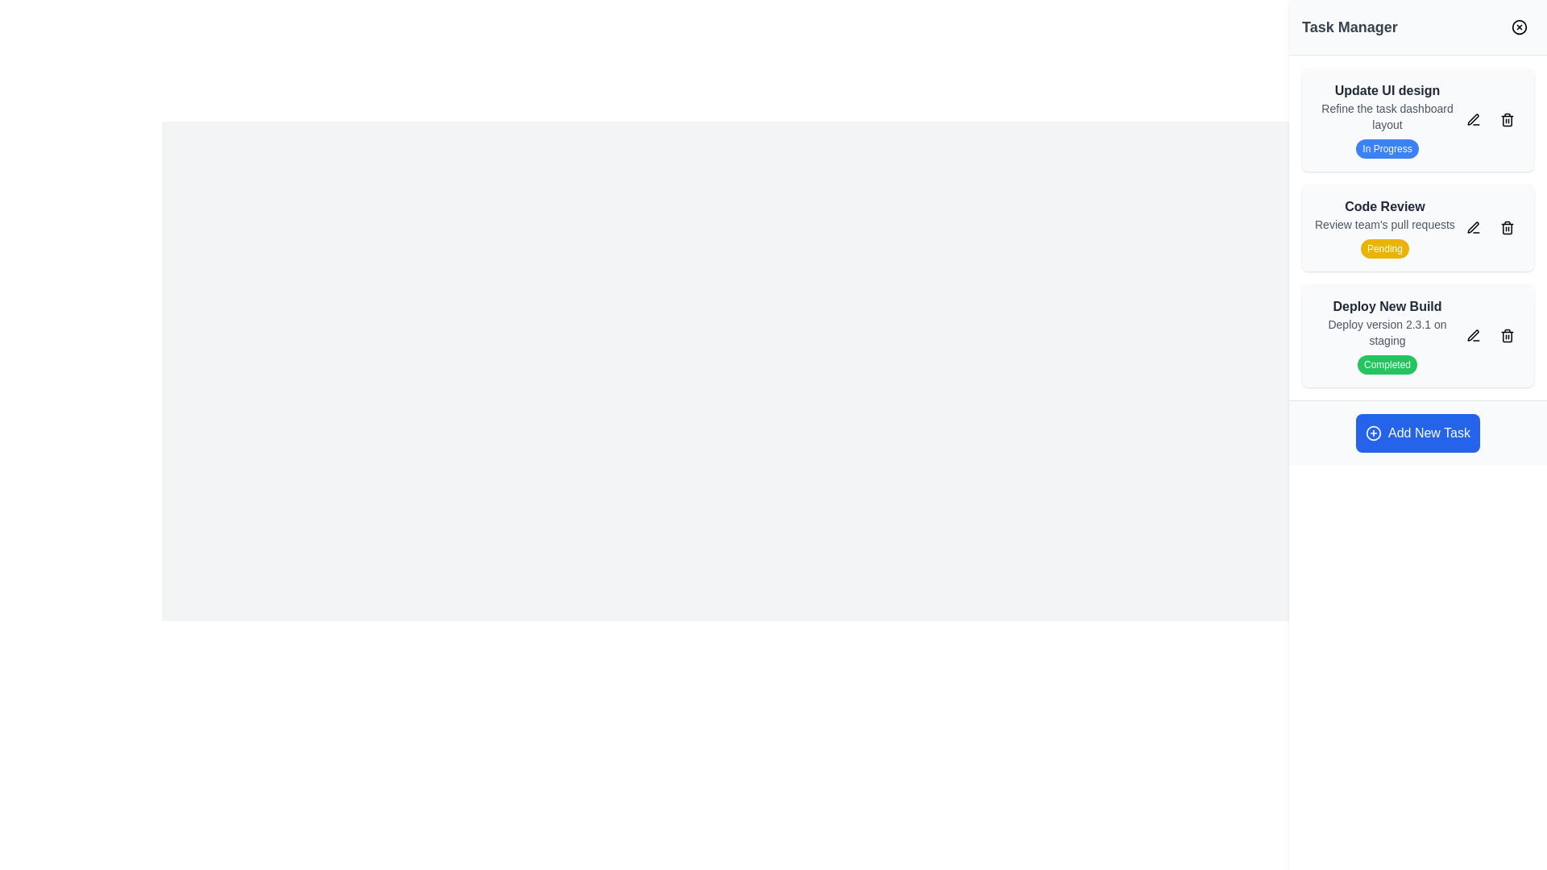 This screenshot has width=1547, height=870. What do you see at coordinates (1387, 307) in the screenshot?
I see `the bold text label 'Deploy New Build' located at the top of the third task entry in the task list` at bounding box center [1387, 307].